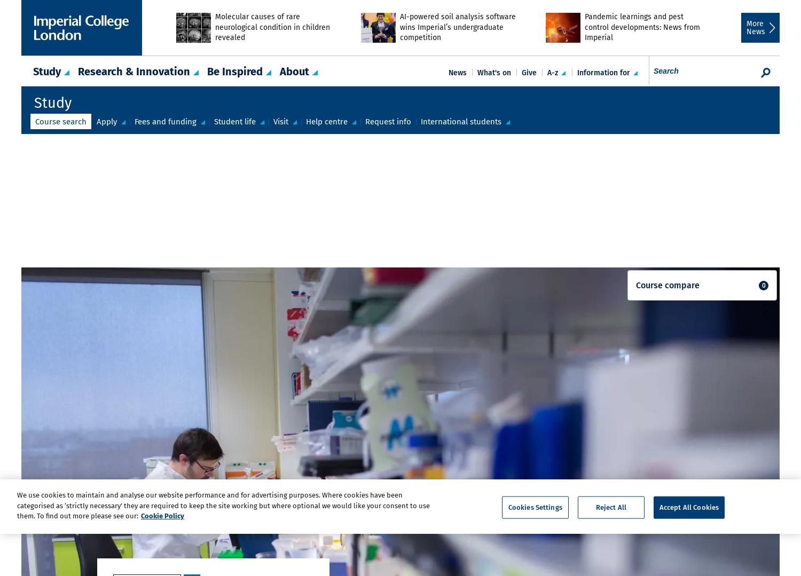  Describe the element at coordinates (547, 72) in the screenshot. I see `'A-Z'` at that location.